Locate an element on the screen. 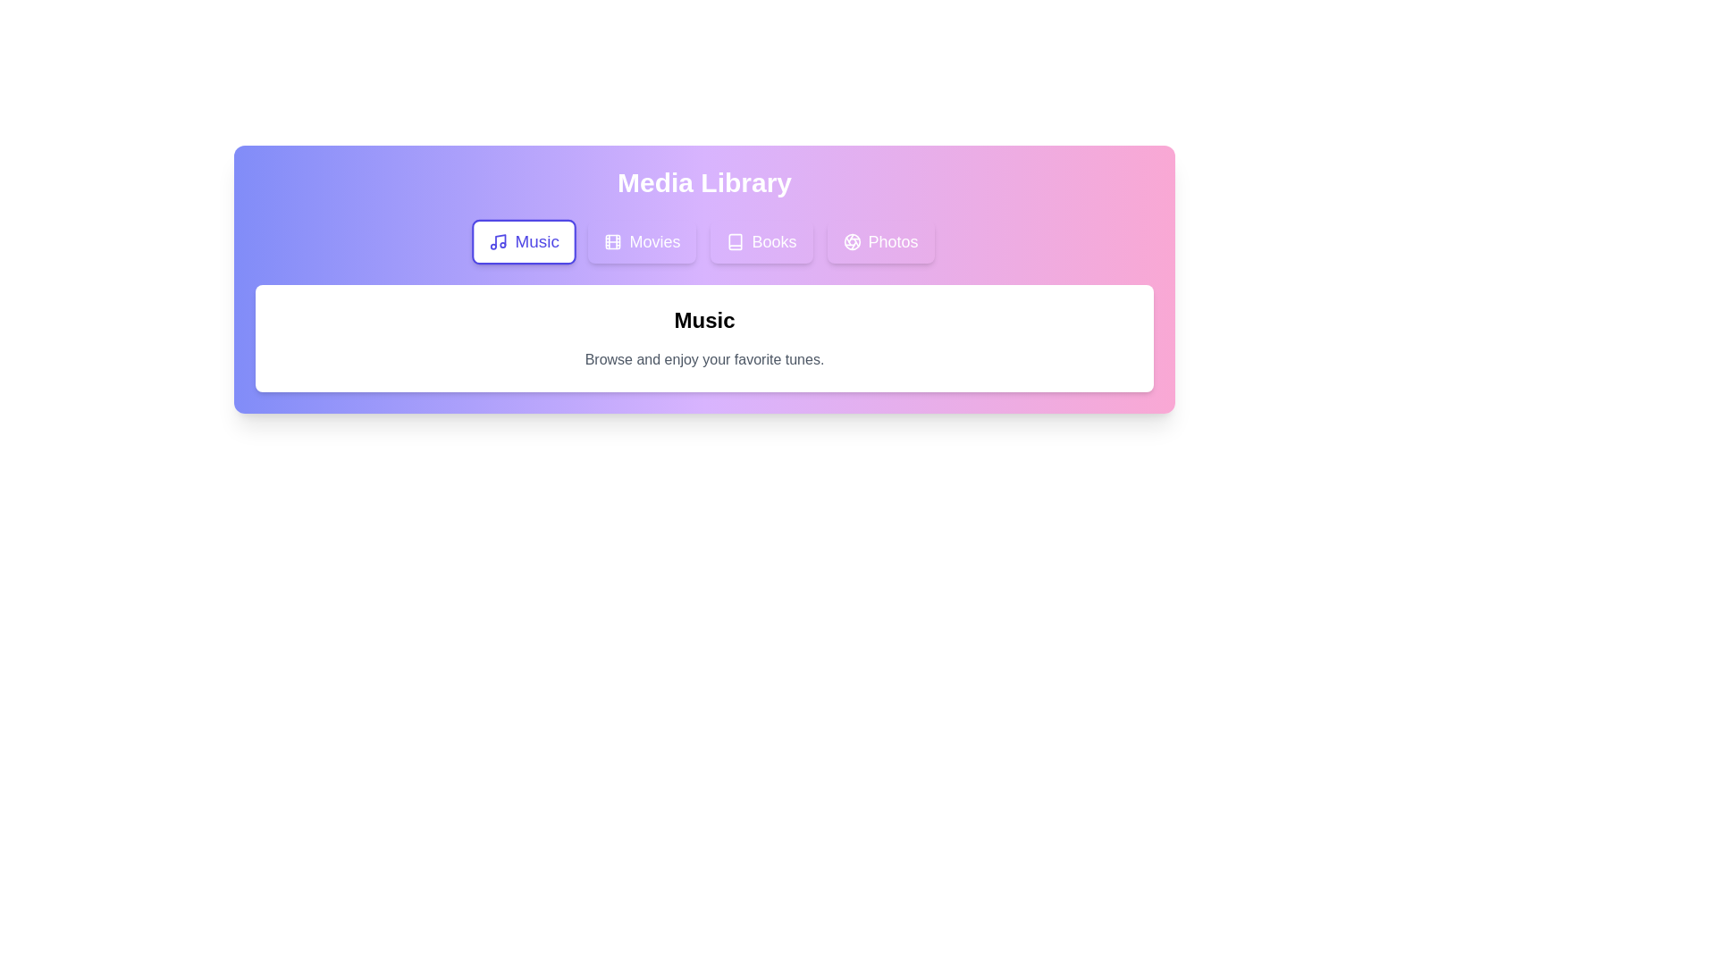 The width and height of the screenshot is (1716, 965). the Photos tab to view its content is located at coordinates (880, 241).